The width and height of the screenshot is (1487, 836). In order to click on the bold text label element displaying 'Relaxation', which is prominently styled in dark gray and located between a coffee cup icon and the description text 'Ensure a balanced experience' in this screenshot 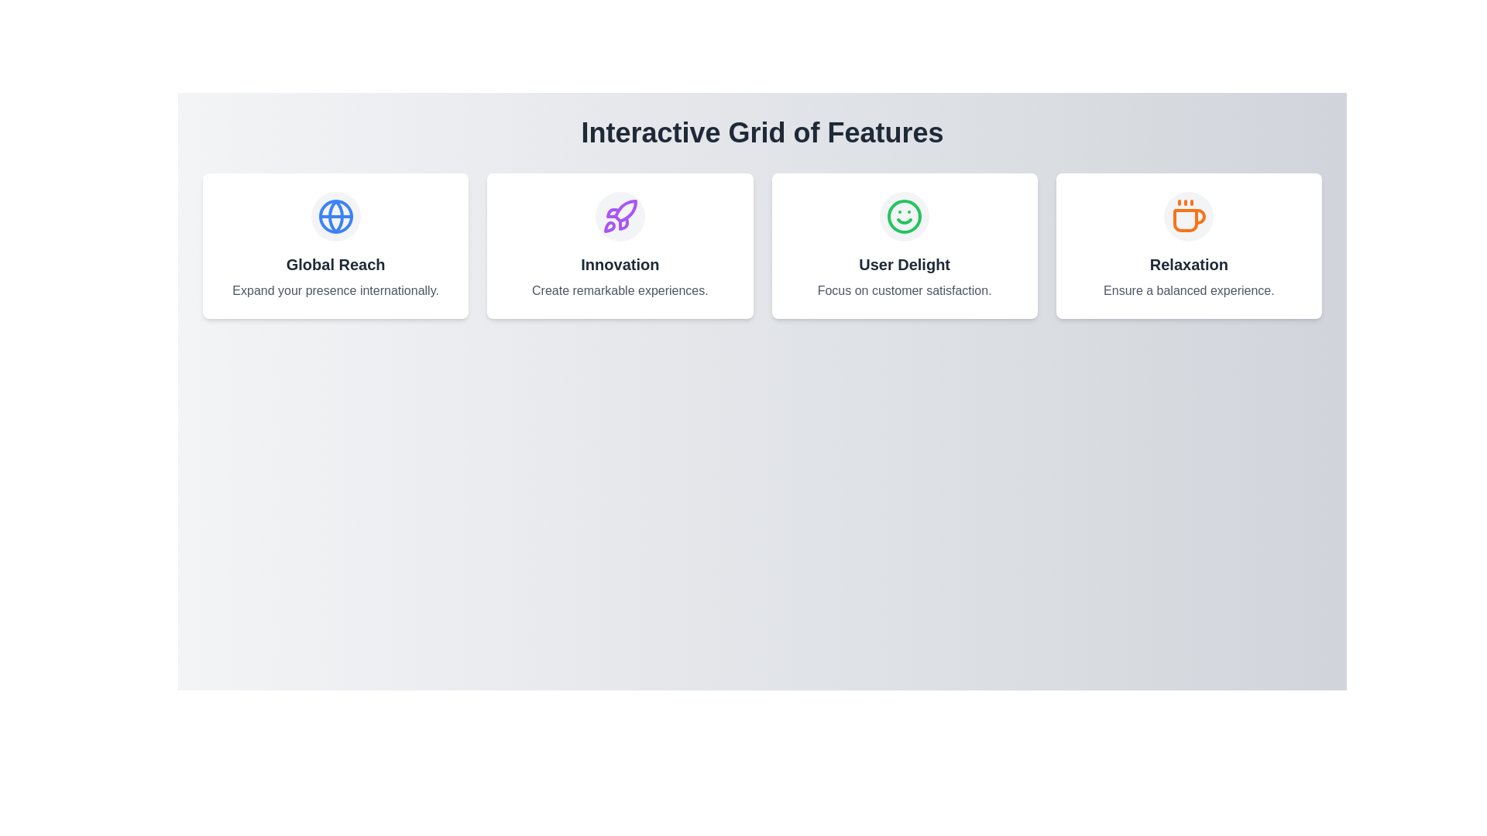, I will do `click(1188, 264)`.